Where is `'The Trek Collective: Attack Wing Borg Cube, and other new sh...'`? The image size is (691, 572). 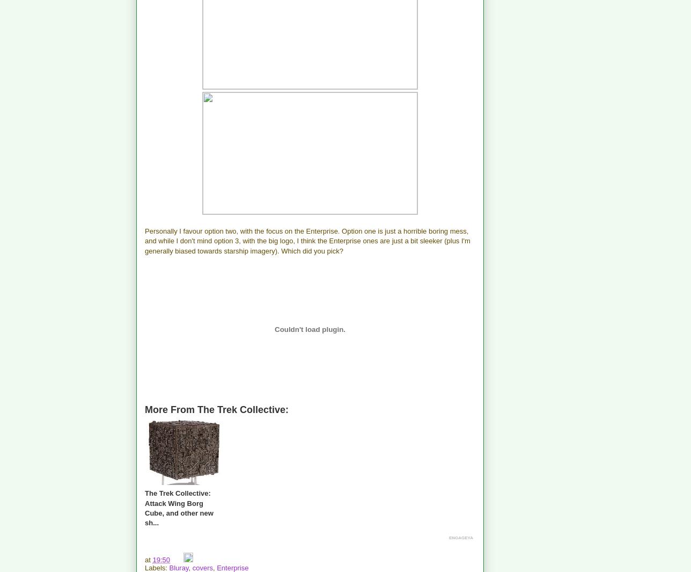 'The Trek Collective: Attack Wing Borg Cube, and other new sh...' is located at coordinates (178, 508).